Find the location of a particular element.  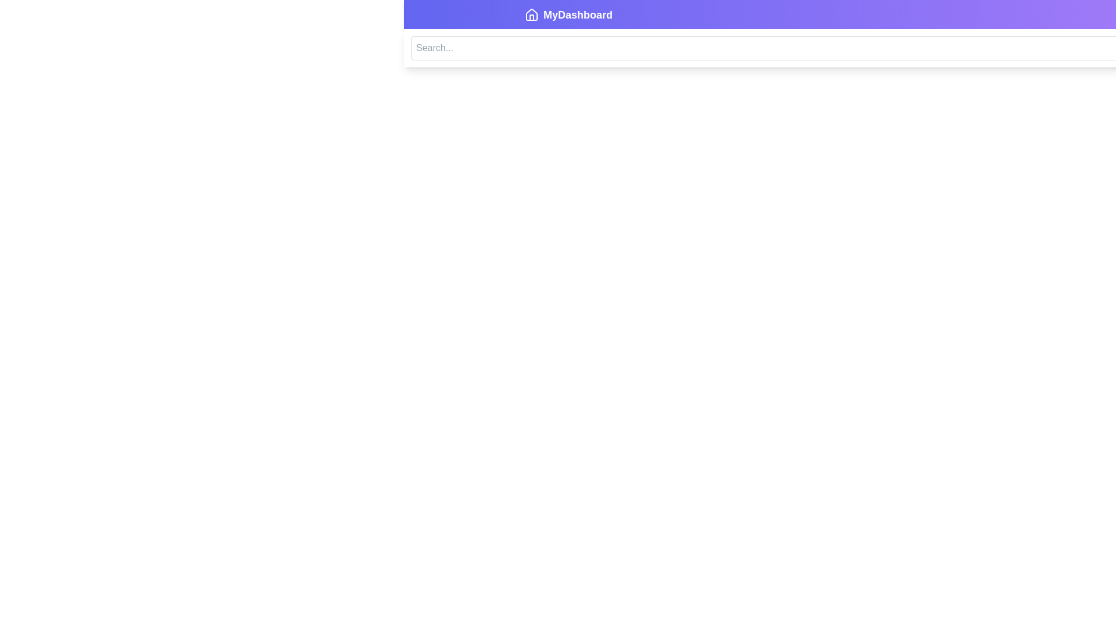

the 'Home' icon, which is a simple house schematic in line art style, located to the left of the 'MyDashboard' label is located at coordinates (531, 15).